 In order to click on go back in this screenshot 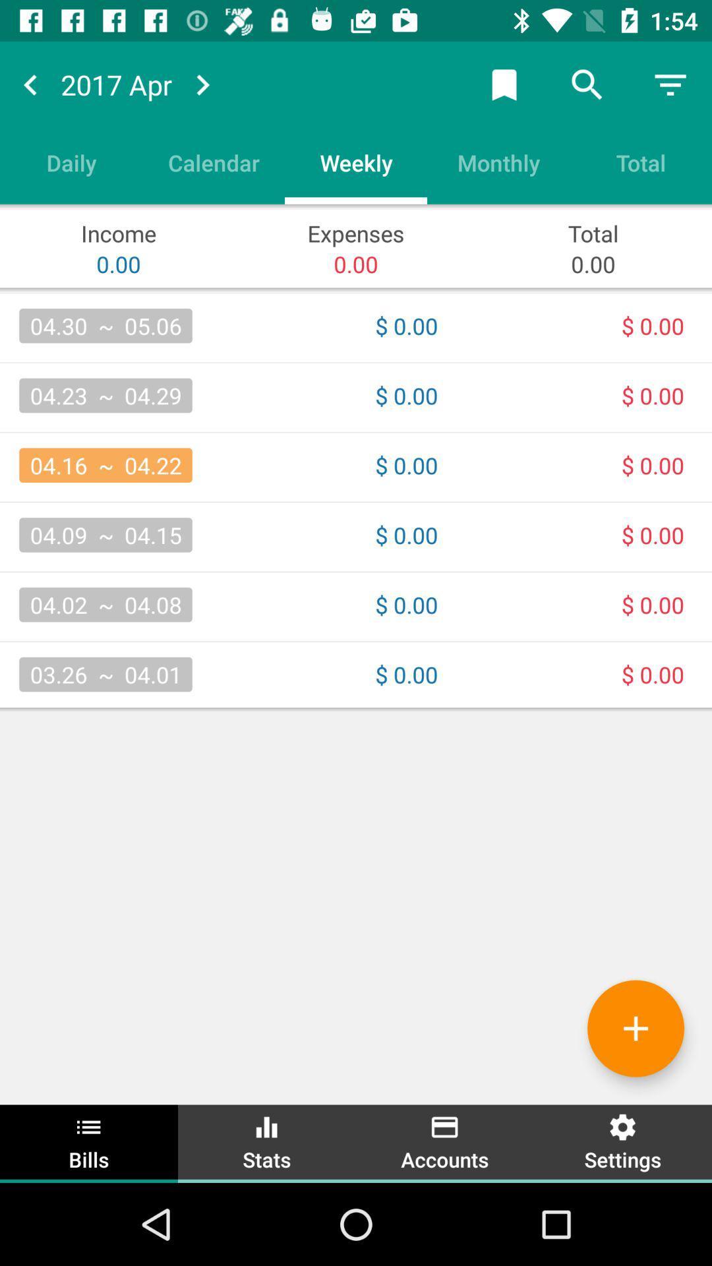, I will do `click(30, 84)`.